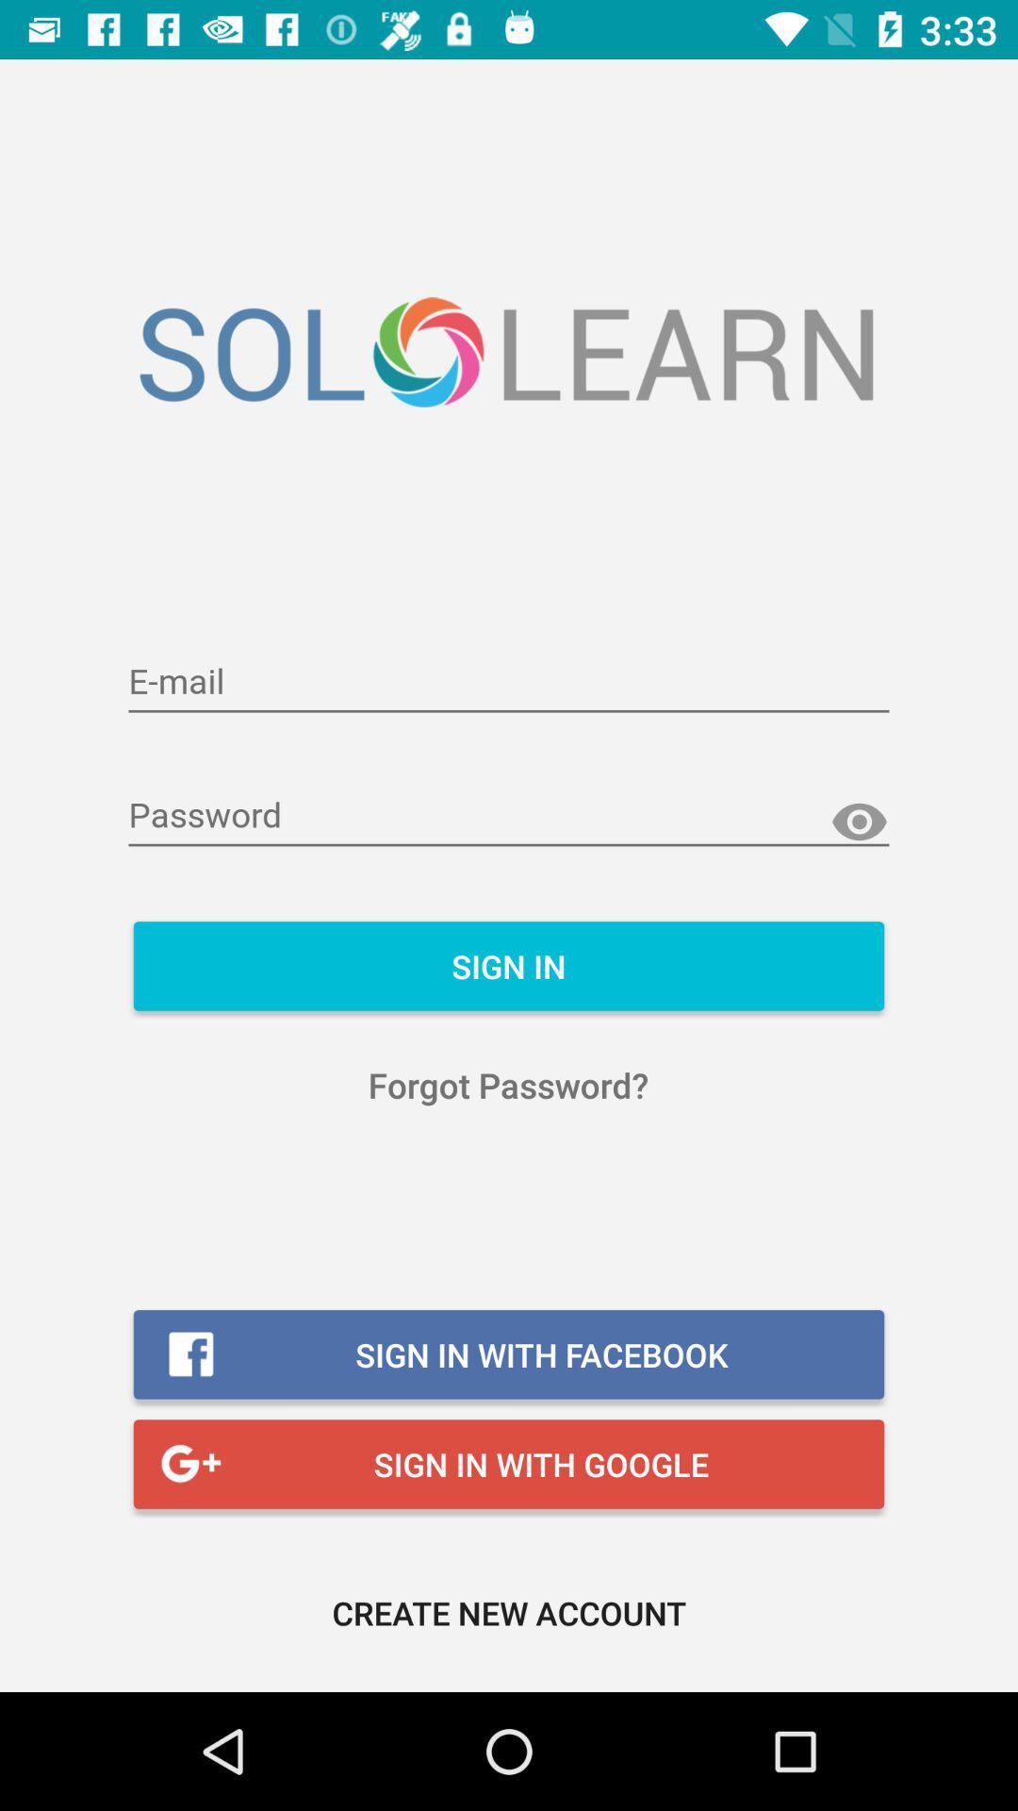  What do you see at coordinates (507, 1085) in the screenshot?
I see `item above sign in with` at bounding box center [507, 1085].